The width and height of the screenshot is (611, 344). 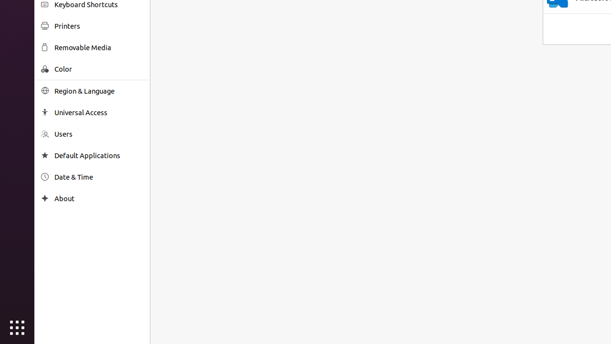 I want to click on 'Users', so click(x=98, y=134).